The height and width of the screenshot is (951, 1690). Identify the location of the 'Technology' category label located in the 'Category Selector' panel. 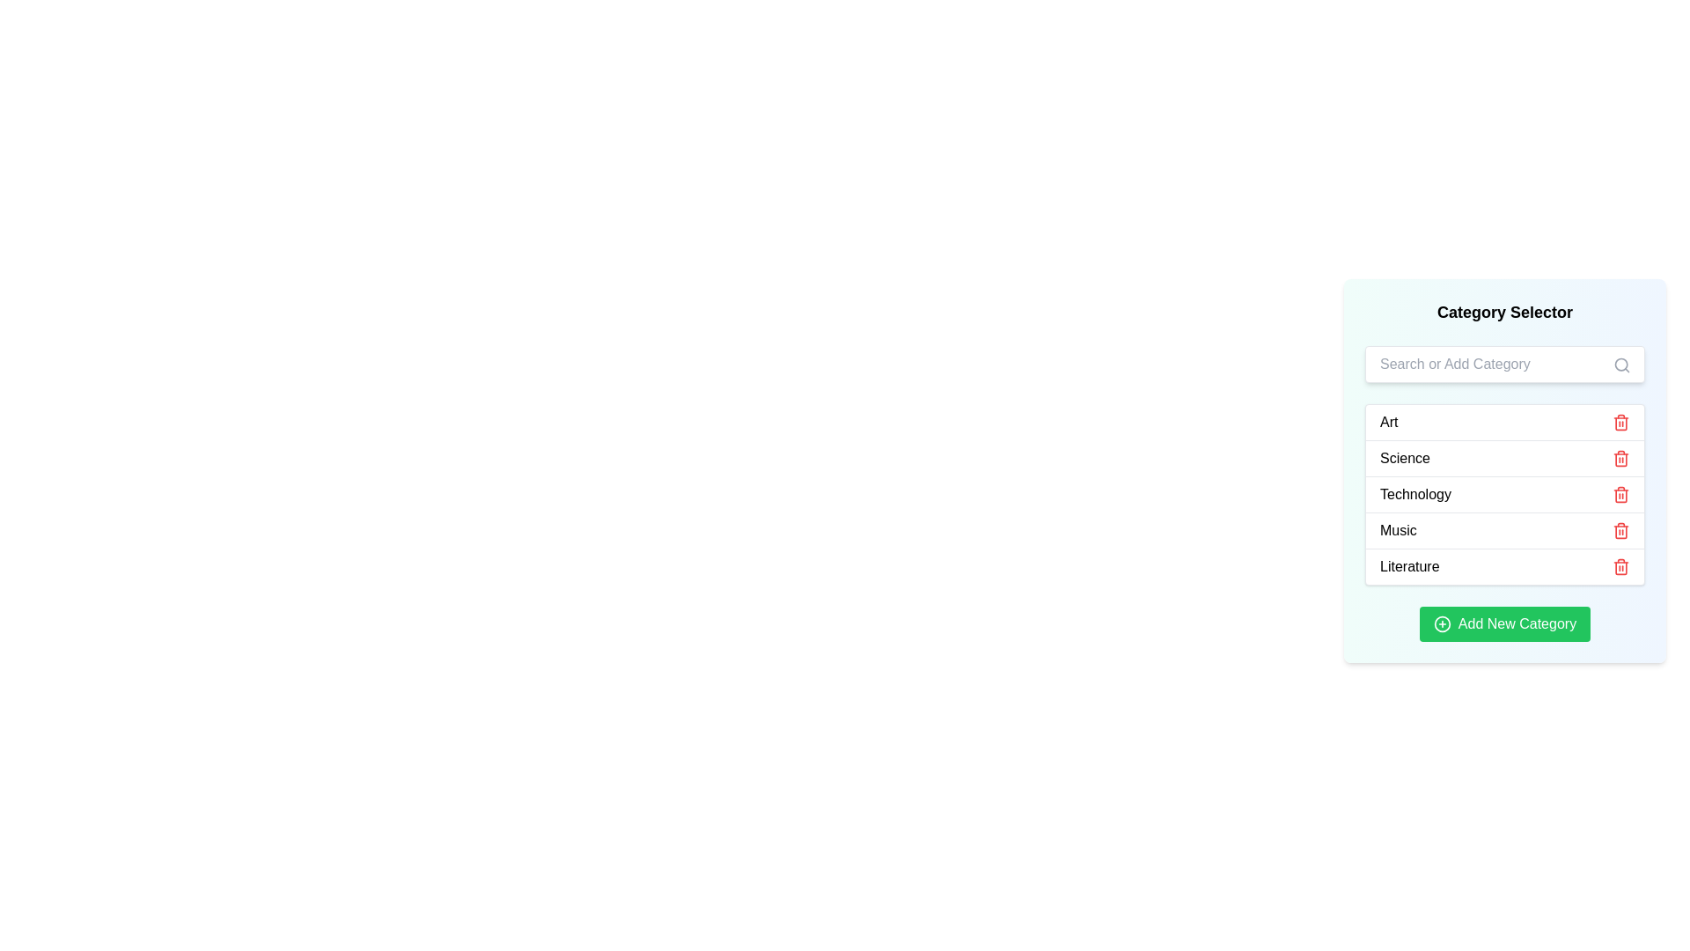
(1415, 495).